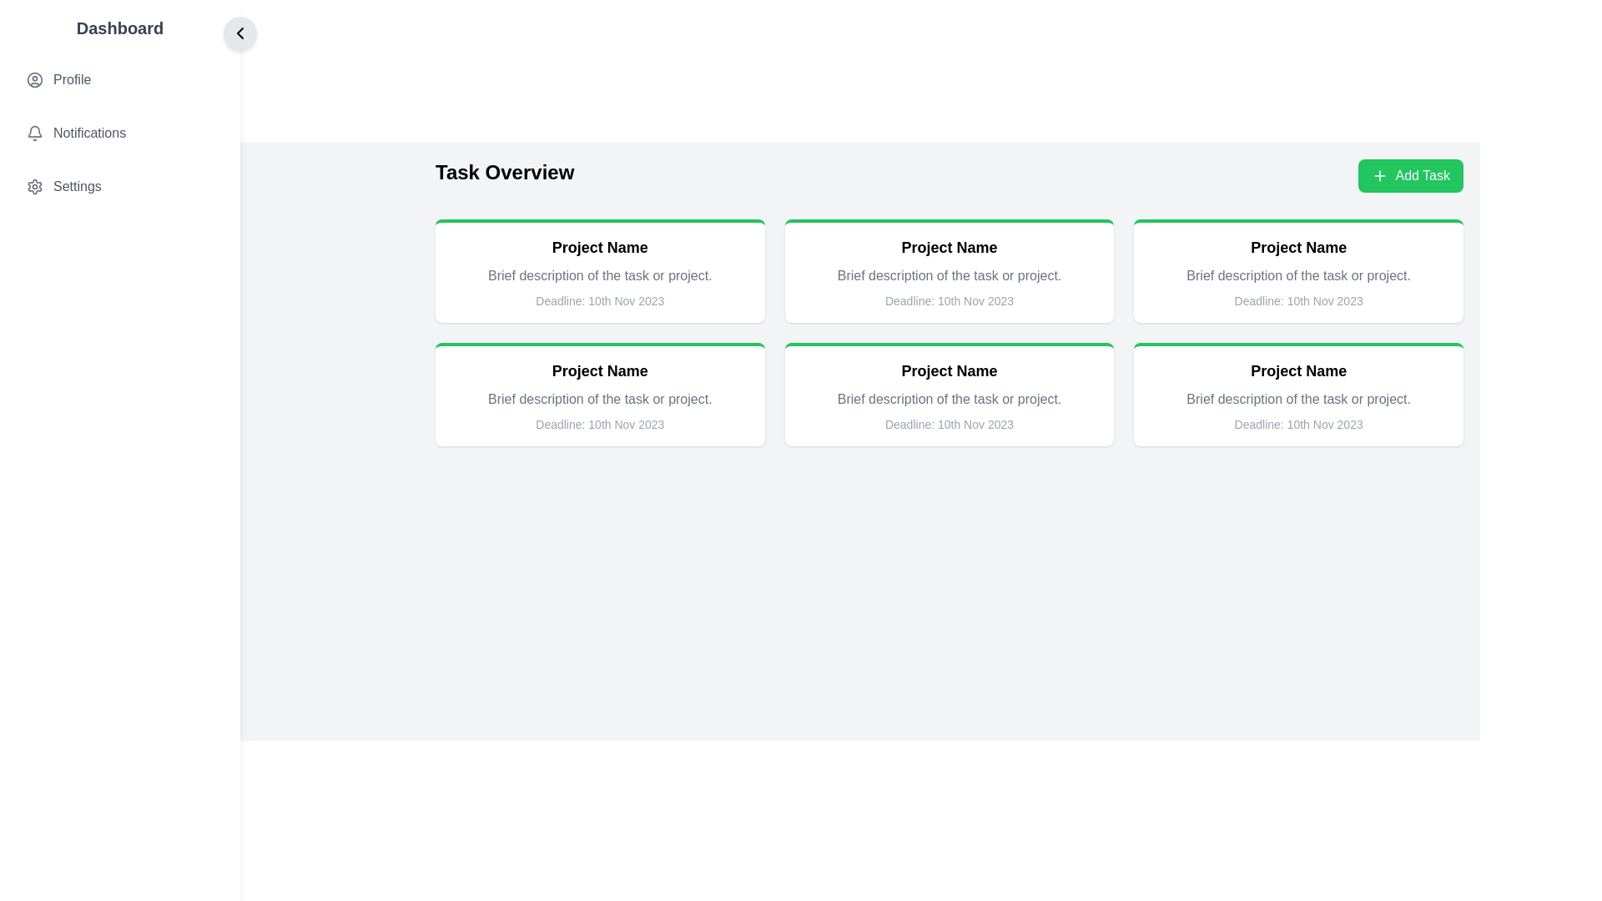  Describe the element at coordinates (949, 269) in the screenshot. I see `text content of the task or project summary card located in the top row and center column of the grid layout` at that location.